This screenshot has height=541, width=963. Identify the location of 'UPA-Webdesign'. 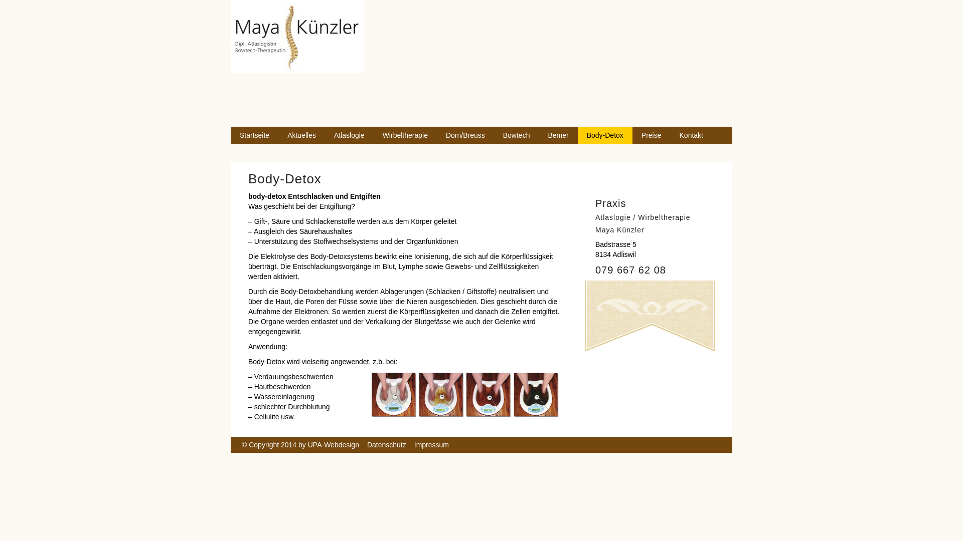
(334, 444).